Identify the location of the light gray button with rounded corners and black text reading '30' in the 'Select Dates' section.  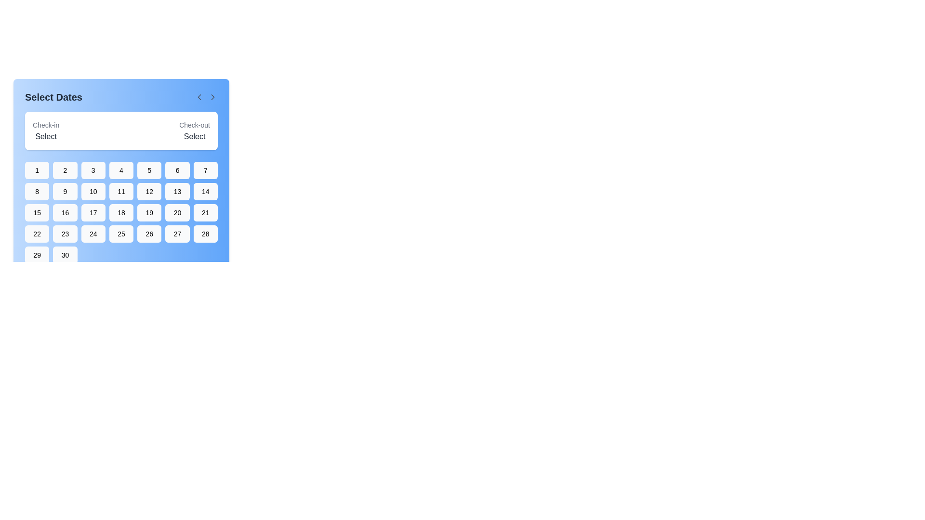
(65, 254).